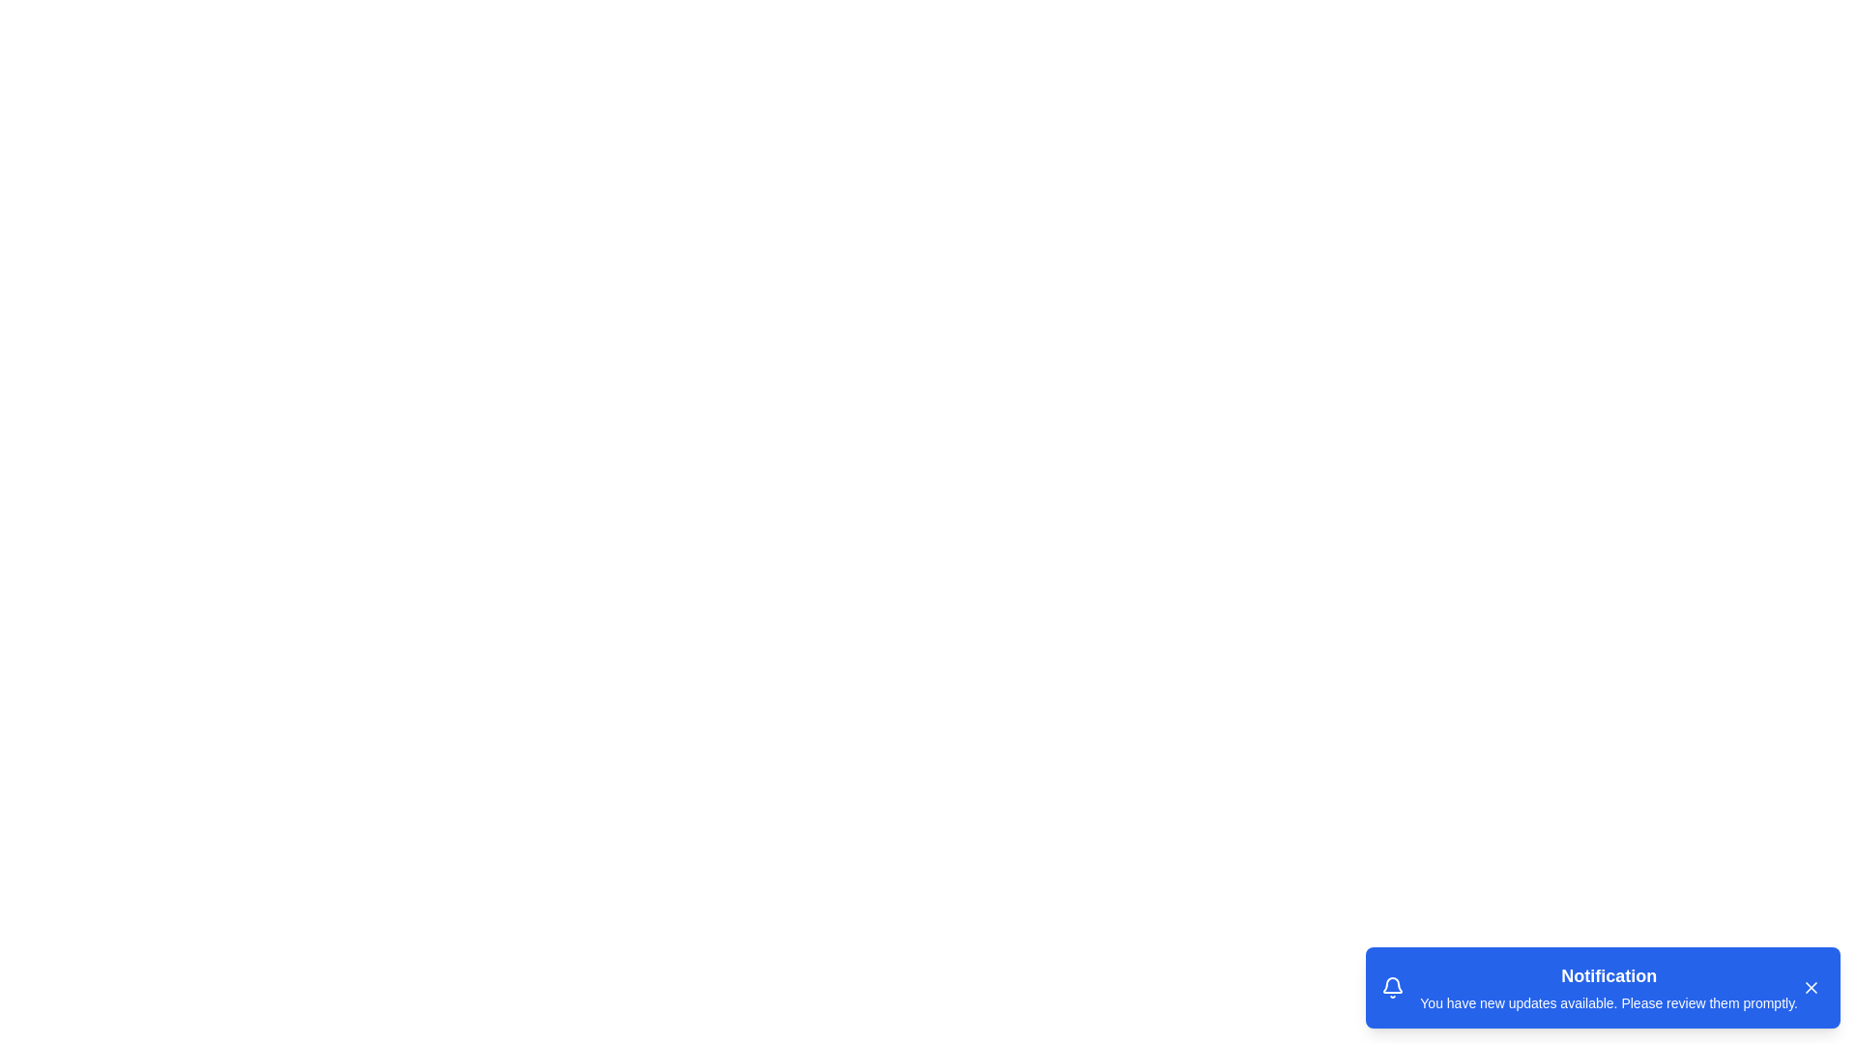  Describe the element at coordinates (1393, 988) in the screenshot. I see `the bell icon in the notification snackbar` at that location.